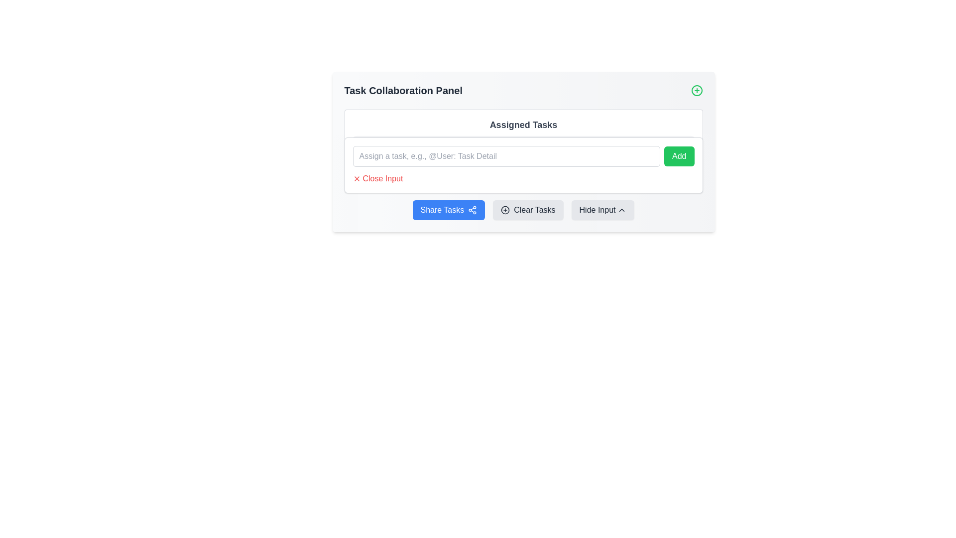 This screenshot has width=956, height=538. Describe the element at coordinates (505, 209) in the screenshot. I see `the SVG circle element that visually represents the circular plus icon for adding or creating a new item or task, located in the upper-right corner of the main interface panel next to the 'Task Collaboration Panel' label` at that location.